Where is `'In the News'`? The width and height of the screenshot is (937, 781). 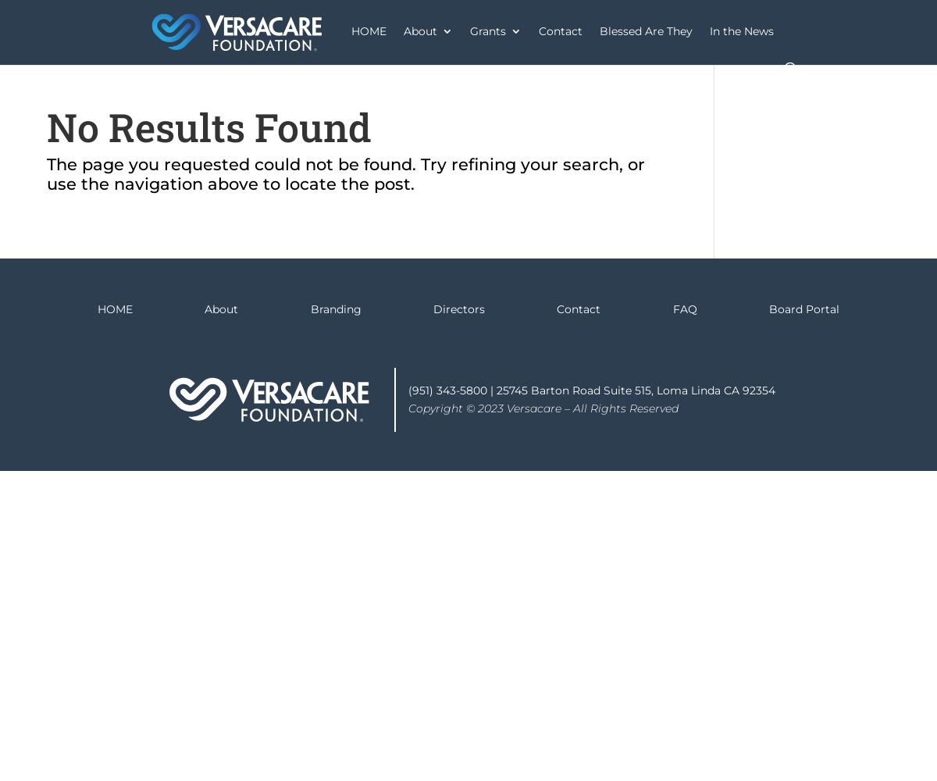 'In the News' is located at coordinates (742, 31).